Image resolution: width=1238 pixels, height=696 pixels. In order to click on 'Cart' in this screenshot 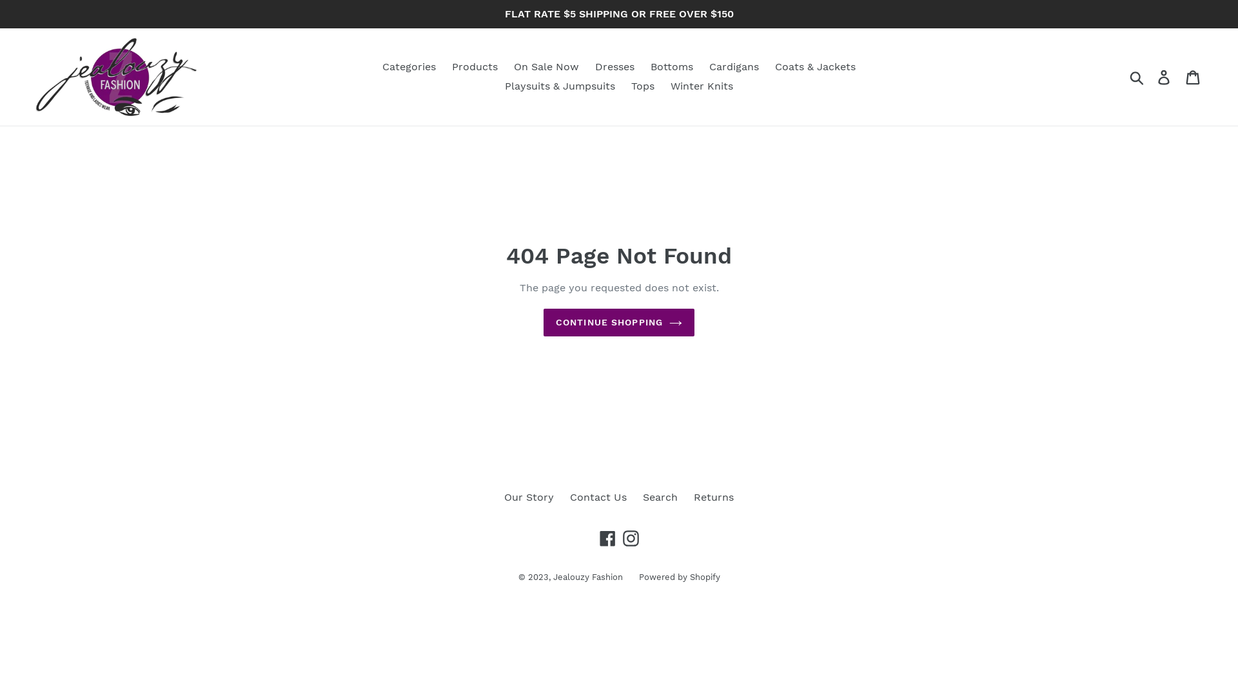, I will do `click(1193, 77)`.